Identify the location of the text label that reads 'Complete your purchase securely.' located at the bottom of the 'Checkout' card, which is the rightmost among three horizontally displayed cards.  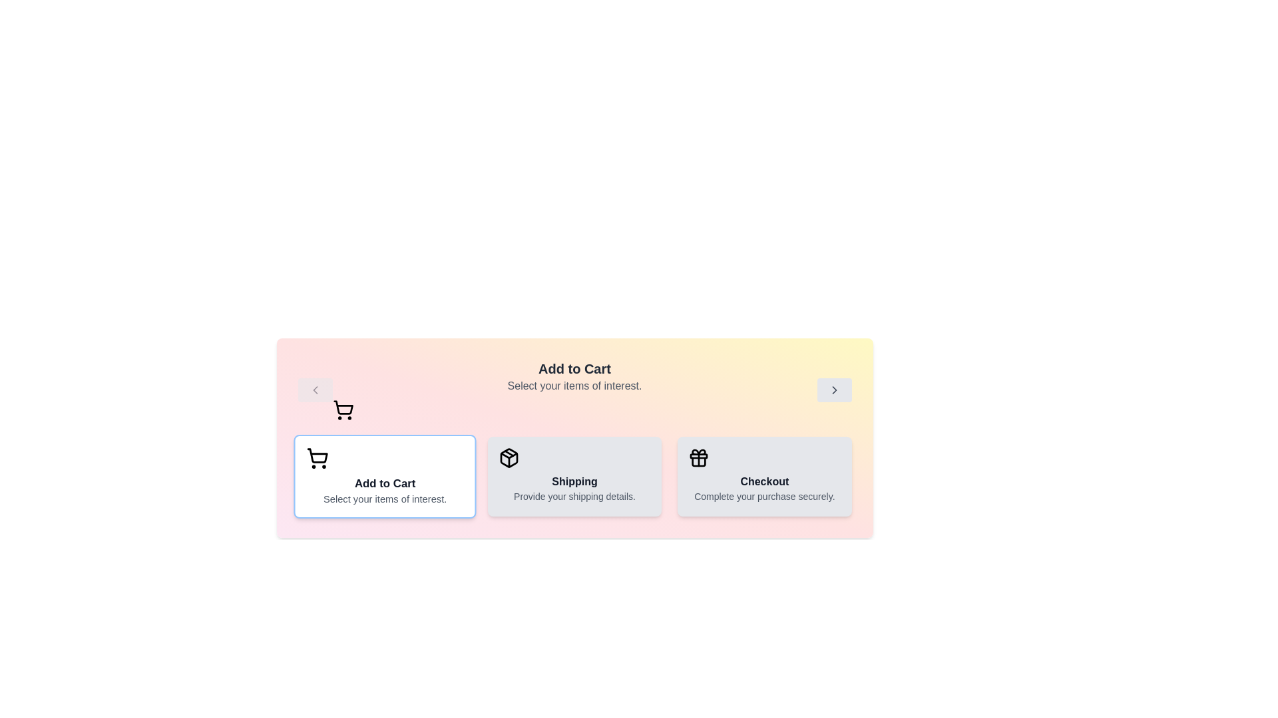
(764, 497).